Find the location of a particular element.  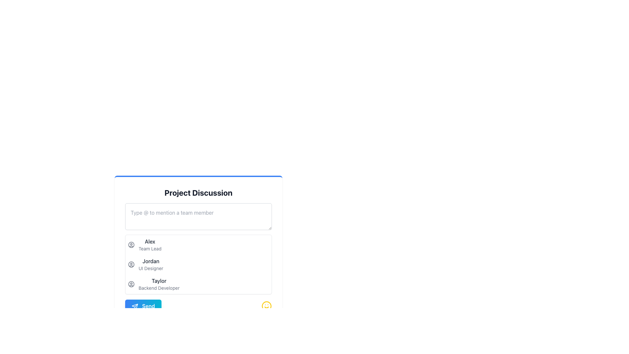

the message sending button located in the footer section of the discussion interface, positioned at the bottom-left corner adjacent to the yellow smiley face icon is located at coordinates (143, 306).